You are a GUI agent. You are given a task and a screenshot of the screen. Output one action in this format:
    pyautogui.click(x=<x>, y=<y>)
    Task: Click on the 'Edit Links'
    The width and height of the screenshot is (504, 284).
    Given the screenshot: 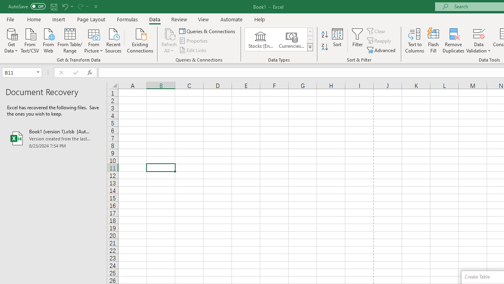 What is the action you would take?
    pyautogui.click(x=193, y=50)
    